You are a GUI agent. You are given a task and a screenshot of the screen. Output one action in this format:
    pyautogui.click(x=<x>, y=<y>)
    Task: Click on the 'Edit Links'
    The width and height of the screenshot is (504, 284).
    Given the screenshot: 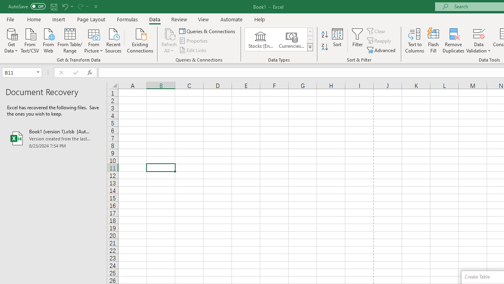 What is the action you would take?
    pyautogui.click(x=193, y=50)
    